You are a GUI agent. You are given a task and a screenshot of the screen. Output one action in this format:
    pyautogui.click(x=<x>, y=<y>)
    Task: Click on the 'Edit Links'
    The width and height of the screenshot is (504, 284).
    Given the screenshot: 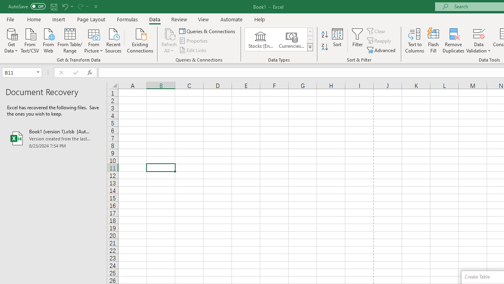 What is the action you would take?
    pyautogui.click(x=193, y=50)
    